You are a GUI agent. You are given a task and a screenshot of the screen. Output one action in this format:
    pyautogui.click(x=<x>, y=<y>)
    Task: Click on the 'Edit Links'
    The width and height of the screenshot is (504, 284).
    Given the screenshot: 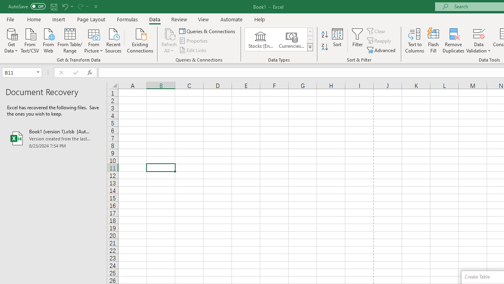 What is the action you would take?
    pyautogui.click(x=193, y=50)
    